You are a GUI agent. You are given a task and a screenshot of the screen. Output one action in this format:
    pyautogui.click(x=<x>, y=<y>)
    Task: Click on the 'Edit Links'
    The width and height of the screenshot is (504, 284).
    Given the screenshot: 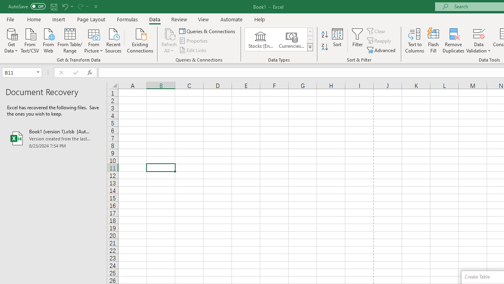 What is the action you would take?
    pyautogui.click(x=193, y=50)
    